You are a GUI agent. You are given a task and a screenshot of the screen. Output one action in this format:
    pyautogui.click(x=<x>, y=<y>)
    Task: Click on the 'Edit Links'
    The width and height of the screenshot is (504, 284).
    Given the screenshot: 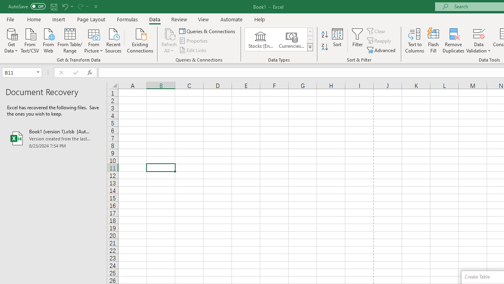 What is the action you would take?
    pyautogui.click(x=193, y=50)
    